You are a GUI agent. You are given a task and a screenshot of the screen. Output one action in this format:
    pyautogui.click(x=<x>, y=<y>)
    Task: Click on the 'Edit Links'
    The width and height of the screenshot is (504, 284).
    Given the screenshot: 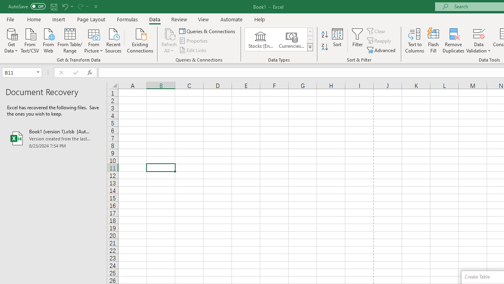 What is the action you would take?
    pyautogui.click(x=193, y=50)
    